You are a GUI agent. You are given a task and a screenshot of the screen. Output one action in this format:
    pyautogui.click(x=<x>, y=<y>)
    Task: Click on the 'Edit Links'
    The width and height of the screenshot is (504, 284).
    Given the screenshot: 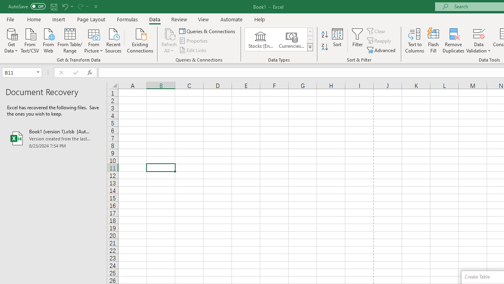 What is the action you would take?
    pyautogui.click(x=193, y=50)
    